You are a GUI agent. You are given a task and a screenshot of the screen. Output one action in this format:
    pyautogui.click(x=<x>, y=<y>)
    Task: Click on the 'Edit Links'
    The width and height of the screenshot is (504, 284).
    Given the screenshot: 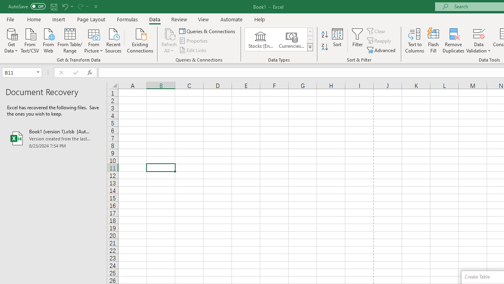 What is the action you would take?
    pyautogui.click(x=193, y=50)
    